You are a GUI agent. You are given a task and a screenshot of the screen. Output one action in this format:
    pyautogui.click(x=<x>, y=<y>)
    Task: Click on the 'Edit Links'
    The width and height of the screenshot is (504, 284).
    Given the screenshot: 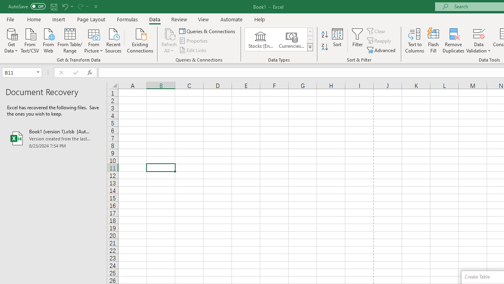 What is the action you would take?
    pyautogui.click(x=193, y=50)
    